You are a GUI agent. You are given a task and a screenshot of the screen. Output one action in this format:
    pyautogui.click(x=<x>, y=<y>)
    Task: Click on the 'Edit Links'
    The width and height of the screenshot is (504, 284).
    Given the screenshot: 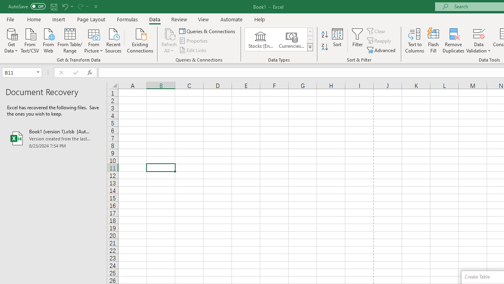 What is the action you would take?
    pyautogui.click(x=193, y=50)
    